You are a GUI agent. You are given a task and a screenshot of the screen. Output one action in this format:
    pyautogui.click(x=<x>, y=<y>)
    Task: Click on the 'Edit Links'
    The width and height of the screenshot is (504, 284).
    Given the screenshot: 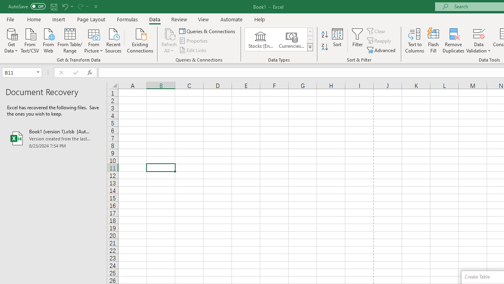 What is the action you would take?
    pyautogui.click(x=193, y=50)
    